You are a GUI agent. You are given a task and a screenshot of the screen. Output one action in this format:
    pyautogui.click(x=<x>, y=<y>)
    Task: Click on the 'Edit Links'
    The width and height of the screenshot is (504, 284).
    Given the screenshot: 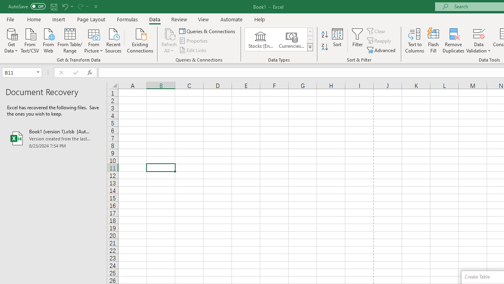 What is the action you would take?
    pyautogui.click(x=193, y=50)
    